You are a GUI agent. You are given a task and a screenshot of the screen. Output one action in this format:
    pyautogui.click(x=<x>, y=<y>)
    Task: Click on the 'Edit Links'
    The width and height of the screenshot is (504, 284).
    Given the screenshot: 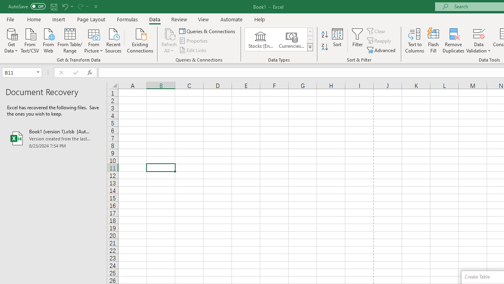 What is the action you would take?
    pyautogui.click(x=193, y=50)
    